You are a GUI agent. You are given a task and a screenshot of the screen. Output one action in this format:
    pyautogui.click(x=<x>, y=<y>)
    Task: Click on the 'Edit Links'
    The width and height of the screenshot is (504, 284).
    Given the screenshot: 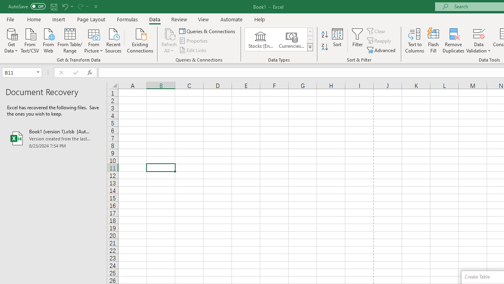 What is the action you would take?
    pyautogui.click(x=193, y=50)
    